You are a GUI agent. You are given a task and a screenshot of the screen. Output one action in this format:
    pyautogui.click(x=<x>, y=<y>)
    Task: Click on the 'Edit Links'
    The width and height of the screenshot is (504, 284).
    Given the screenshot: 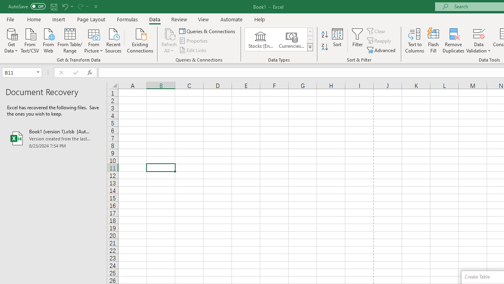 What is the action you would take?
    pyautogui.click(x=193, y=50)
    